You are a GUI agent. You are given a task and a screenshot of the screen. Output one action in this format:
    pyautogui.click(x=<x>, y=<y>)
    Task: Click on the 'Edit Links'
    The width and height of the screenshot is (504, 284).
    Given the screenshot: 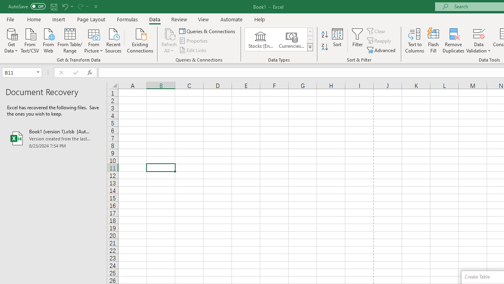 What is the action you would take?
    pyautogui.click(x=193, y=50)
    